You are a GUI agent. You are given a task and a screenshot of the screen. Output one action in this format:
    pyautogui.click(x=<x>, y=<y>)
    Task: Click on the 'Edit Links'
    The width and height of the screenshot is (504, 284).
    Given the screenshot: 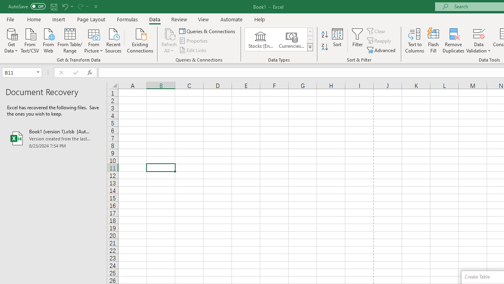 What is the action you would take?
    pyautogui.click(x=193, y=50)
    